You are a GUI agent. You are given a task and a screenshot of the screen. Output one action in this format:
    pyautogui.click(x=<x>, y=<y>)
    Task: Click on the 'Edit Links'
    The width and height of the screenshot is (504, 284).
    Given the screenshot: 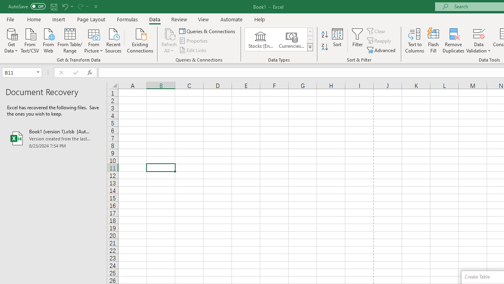 What is the action you would take?
    pyautogui.click(x=193, y=50)
    